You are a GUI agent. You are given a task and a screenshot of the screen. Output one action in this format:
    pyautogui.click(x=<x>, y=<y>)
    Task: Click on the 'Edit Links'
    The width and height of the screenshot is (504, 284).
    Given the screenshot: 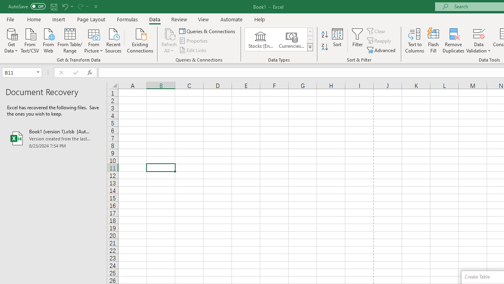 What is the action you would take?
    pyautogui.click(x=193, y=50)
    